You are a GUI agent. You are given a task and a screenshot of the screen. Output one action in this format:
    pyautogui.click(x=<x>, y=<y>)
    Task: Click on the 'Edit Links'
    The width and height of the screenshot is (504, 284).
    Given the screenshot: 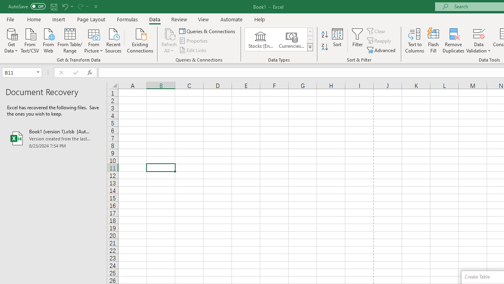 What is the action you would take?
    pyautogui.click(x=193, y=50)
    